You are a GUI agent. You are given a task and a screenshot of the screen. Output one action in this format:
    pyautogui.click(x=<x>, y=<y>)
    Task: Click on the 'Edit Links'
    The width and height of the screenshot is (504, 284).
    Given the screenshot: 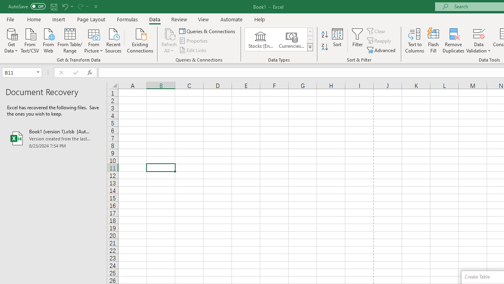 What is the action you would take?
    pyautogui.click(x=193, y=50)
    